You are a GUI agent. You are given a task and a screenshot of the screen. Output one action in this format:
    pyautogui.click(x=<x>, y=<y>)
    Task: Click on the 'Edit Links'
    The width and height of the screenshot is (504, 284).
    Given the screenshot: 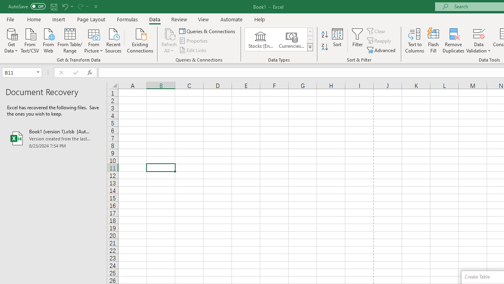 What is the action you would take?
    pyautogui.click(x=193, y=50)
    